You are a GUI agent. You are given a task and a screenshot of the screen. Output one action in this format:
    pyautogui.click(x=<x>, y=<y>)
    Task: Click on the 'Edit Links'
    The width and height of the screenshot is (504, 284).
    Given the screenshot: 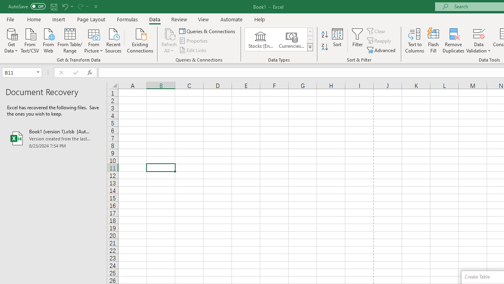 What is the action you would take?
    pyautogui.click(x=193, y=50)
    